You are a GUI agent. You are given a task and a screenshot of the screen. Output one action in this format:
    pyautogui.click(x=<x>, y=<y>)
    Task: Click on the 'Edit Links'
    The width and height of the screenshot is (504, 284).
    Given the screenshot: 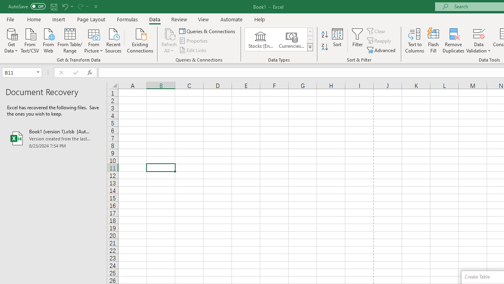 What is the action you would take?
    pyautogui.click(x=193, y=50)
    